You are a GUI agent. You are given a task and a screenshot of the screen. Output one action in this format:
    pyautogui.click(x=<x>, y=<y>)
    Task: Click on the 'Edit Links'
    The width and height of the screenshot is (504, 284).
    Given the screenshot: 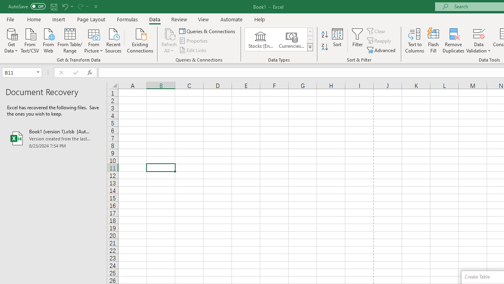 What is the action you would take?
    pyautogui.click(x=193, y=50)
    